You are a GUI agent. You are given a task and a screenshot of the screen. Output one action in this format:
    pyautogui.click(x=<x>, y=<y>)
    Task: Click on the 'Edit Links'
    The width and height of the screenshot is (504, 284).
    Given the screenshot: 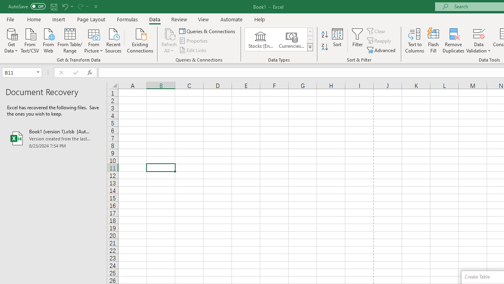 What is the action you would take?
    pyautogui.click(x=193, y=50)
    